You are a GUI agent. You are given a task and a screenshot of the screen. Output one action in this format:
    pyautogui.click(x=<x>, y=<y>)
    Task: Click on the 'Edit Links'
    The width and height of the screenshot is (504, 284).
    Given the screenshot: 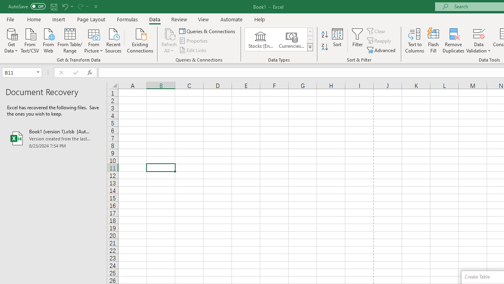 What is the action you would take?
    pyautogui.click(x=193, y=50)
    